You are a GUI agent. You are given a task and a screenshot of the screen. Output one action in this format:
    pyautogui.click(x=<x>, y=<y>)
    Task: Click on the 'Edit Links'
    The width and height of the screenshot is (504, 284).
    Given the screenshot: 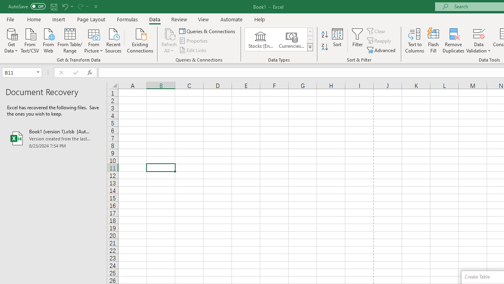 What is the action you would take?
    pyautogui.click(x=193, y=50)
    